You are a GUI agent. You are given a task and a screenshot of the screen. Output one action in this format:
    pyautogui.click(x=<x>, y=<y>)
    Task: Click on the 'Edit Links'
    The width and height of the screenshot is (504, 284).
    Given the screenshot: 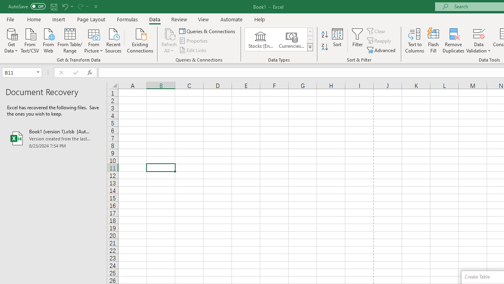 What is the action you would take?
    pyautogui.click(x=193, y=50)
    